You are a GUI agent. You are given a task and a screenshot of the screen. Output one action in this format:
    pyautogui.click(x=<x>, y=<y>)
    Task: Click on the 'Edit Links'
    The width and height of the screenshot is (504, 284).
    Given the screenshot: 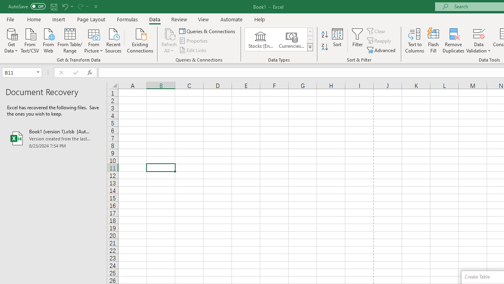 What is the action you would take?
    pyautogui.click(x=193, y=50)
    